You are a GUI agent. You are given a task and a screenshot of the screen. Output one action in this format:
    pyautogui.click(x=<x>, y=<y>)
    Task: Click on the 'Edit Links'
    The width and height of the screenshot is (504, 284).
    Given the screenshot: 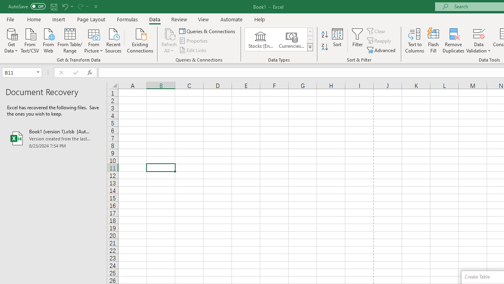 What is the action you would take?
    pyautogui.click(x=193, y=50)
    